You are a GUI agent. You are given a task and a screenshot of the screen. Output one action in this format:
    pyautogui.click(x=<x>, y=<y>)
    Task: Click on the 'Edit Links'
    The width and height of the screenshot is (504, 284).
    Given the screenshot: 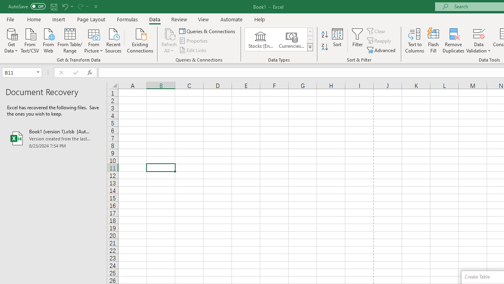 What is the action you would take?
    pyautogui.click(x=193, y=50)
    